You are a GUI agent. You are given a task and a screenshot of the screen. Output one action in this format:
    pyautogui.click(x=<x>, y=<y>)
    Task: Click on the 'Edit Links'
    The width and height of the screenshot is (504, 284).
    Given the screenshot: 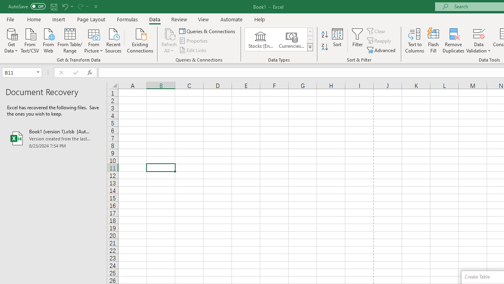 What is the action you would take?
    pyautogui.click(x=193, y=50)
    